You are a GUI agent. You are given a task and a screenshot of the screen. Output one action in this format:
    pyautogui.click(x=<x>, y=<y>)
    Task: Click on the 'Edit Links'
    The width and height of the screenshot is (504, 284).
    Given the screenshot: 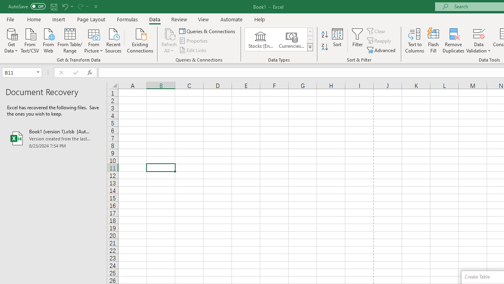 What is the action you would take?
    pyautogui.click(x=193, y=50)
    